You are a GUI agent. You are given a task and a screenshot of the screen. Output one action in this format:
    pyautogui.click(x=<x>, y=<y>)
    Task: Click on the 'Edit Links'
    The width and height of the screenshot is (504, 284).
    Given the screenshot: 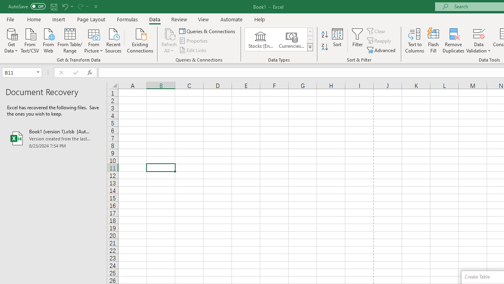 What is the action you would take?
    pyautogui.click(x=193, y=50)
    